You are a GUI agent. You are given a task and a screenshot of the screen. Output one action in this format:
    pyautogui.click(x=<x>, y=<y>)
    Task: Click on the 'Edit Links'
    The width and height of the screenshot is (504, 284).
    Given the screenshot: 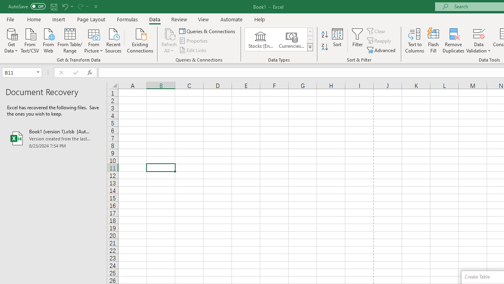 What is the action you would take?
    pyautogui.click(x=193, y=50)
    